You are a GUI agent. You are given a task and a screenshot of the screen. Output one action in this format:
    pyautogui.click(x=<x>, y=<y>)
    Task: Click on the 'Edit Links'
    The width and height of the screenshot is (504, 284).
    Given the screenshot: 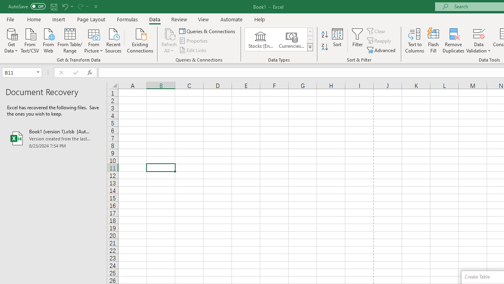 What is the action you would take?
    pyautogui.click(x=193, y=50)
    